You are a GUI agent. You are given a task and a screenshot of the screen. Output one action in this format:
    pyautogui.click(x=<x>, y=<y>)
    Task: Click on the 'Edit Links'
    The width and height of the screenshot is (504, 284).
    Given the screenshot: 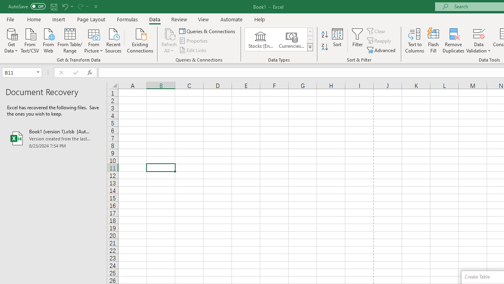 What is the action you would take?
    pyautogui.click(x=193, y=50)
    